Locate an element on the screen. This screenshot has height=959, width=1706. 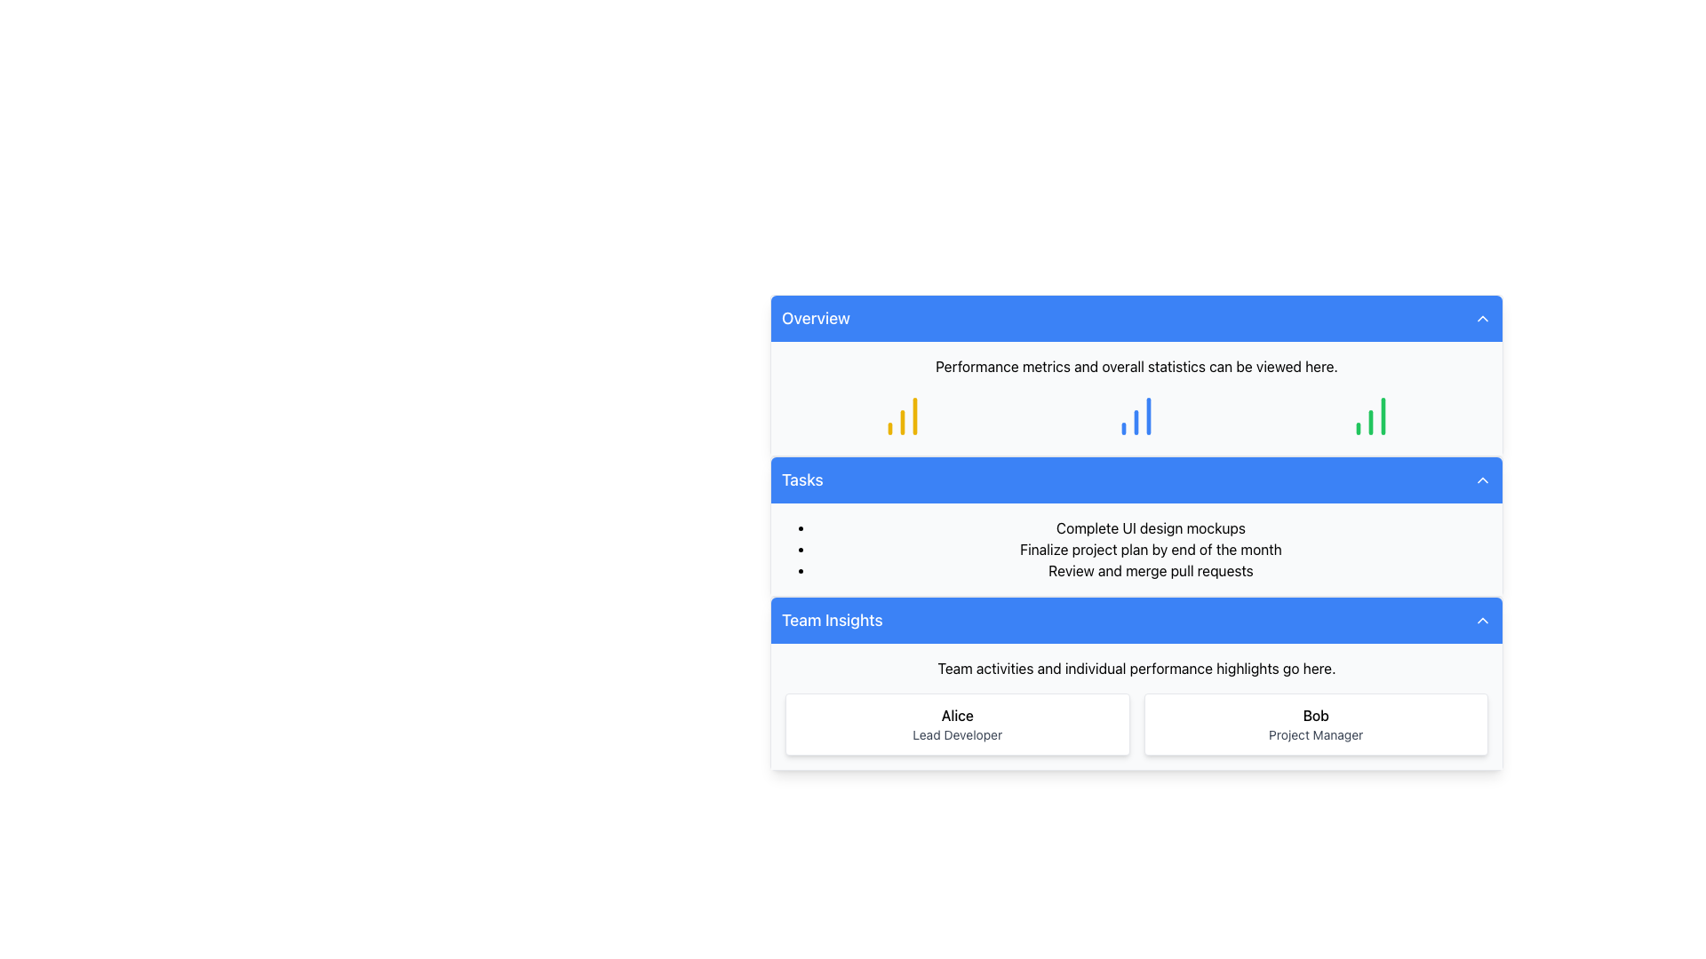
the 'Tasks' text label, which is styled with a large font size and is prominently displayed within a blue rectangular area in the interface is located at coordinates (801, 479).